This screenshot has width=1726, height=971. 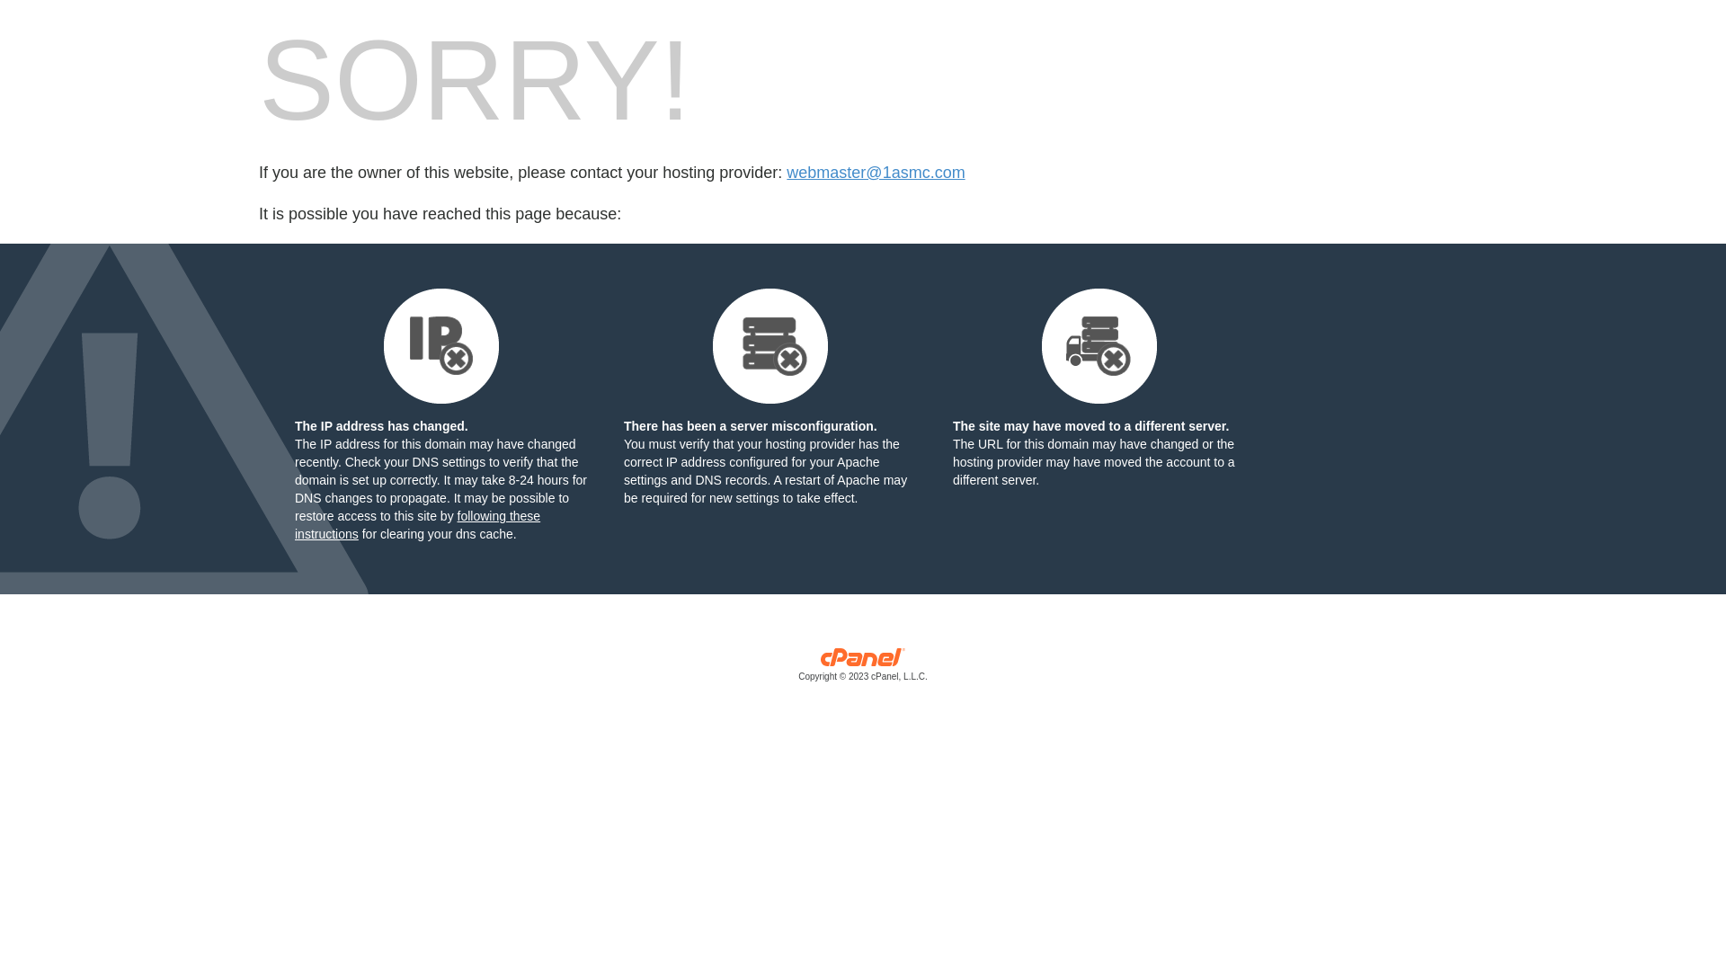 I want to click on 'following these instructions', so click(x=416, y=524).